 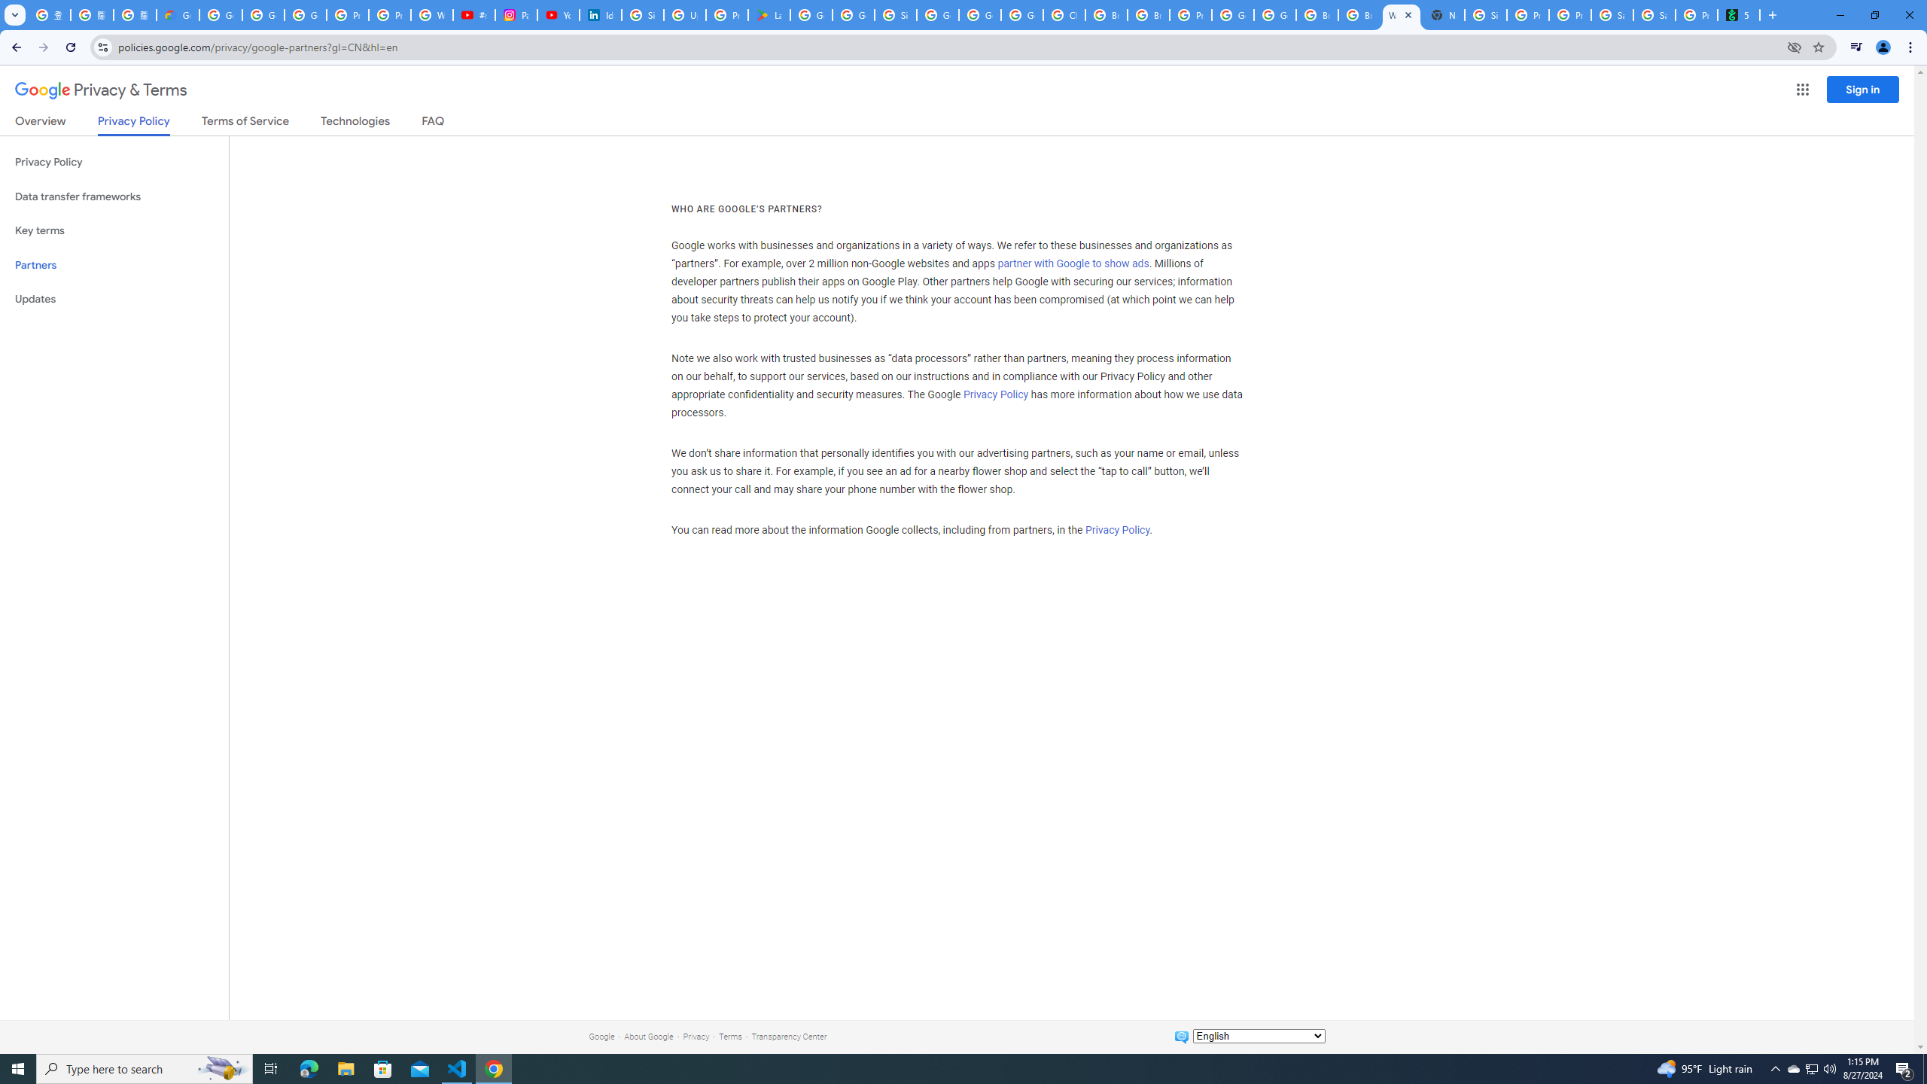 I want to click on 'Terms of Service', so click(x=245, y=123).